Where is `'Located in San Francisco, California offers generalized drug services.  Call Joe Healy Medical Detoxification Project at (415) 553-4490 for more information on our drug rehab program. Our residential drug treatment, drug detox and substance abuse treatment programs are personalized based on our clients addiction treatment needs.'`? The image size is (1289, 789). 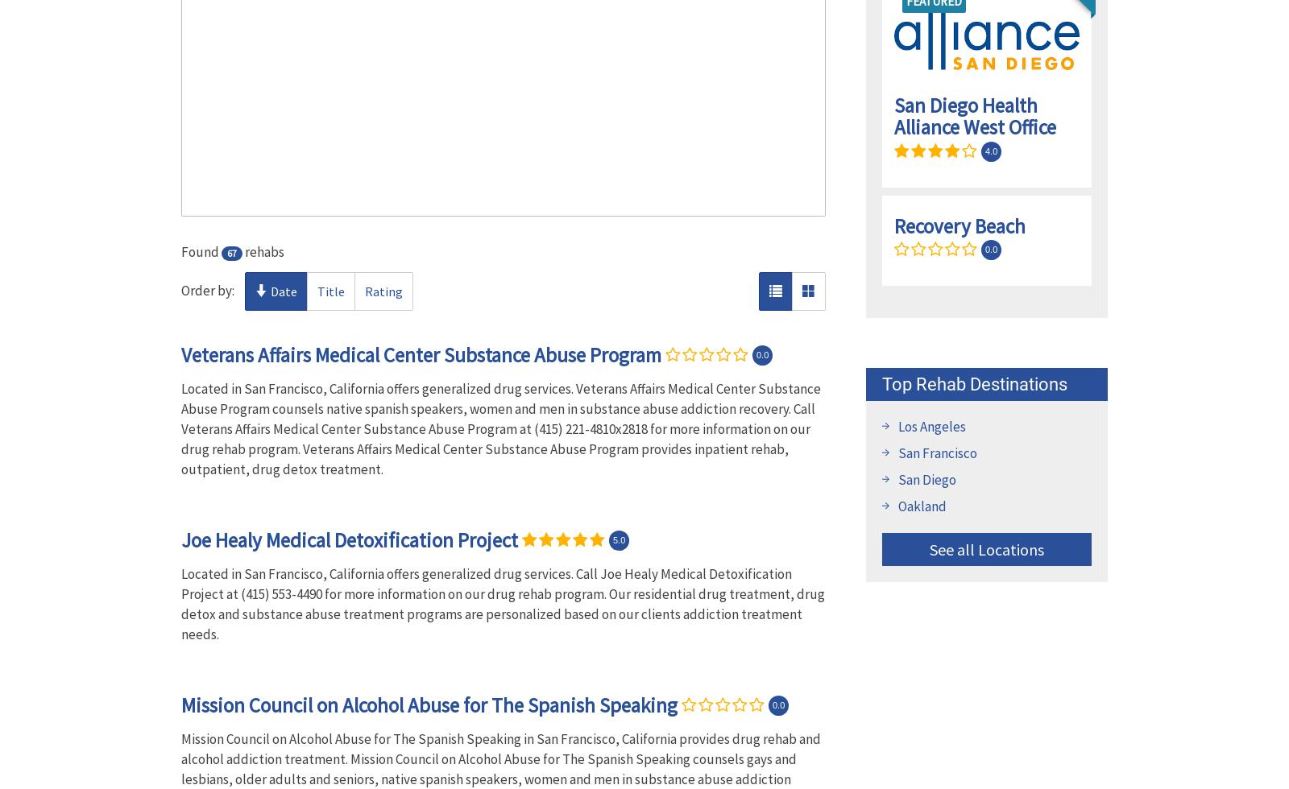
'Located in San Francisco, California offers generalized drug services.  Call Joe Healy Medical Detoxification Project at (415) 553-4490 for more information on our drug rehab program. Our residential drug treatment, drug detox and substance abuse treatment programs are personalized based on our clients addiction treatment needs.' is located at coordinates (503, 603).